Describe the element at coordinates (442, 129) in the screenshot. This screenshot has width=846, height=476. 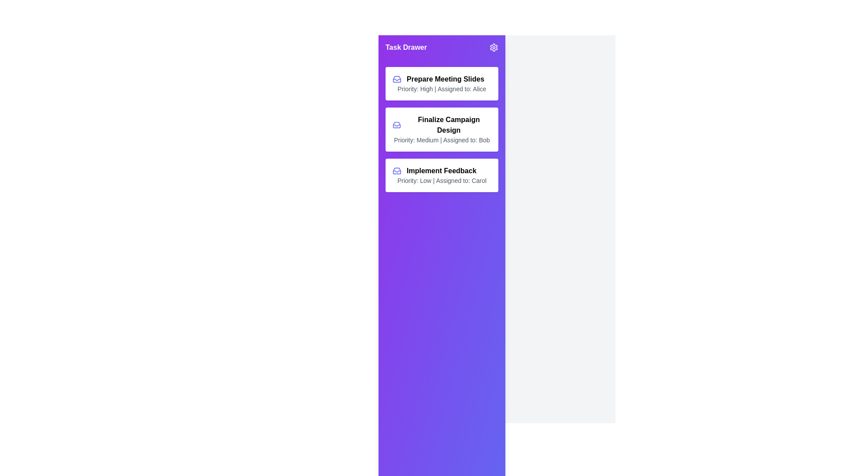
I see `the task titled 'Finalize Campaign Design' to preview additional options or effects` at that location.